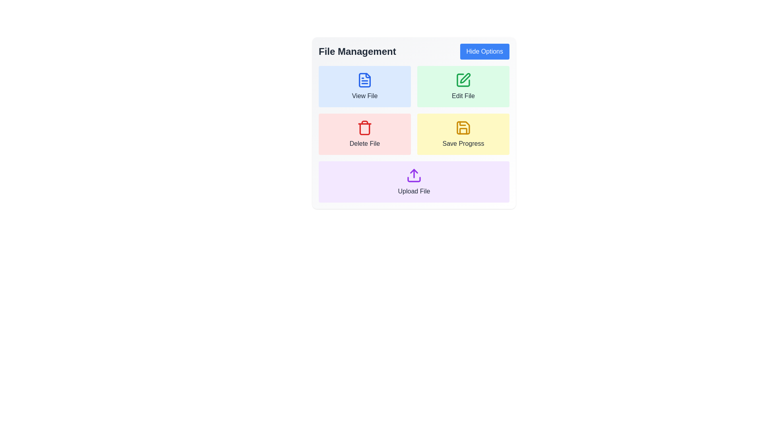 This screenshot has height=429, width=763. Describe the element at coordinates (463, 96) in the screenshot. I see `the text label that describes the action of editing a file, located in the top-right region of the main grid layout, specifically in the third column of the first row` at that location.